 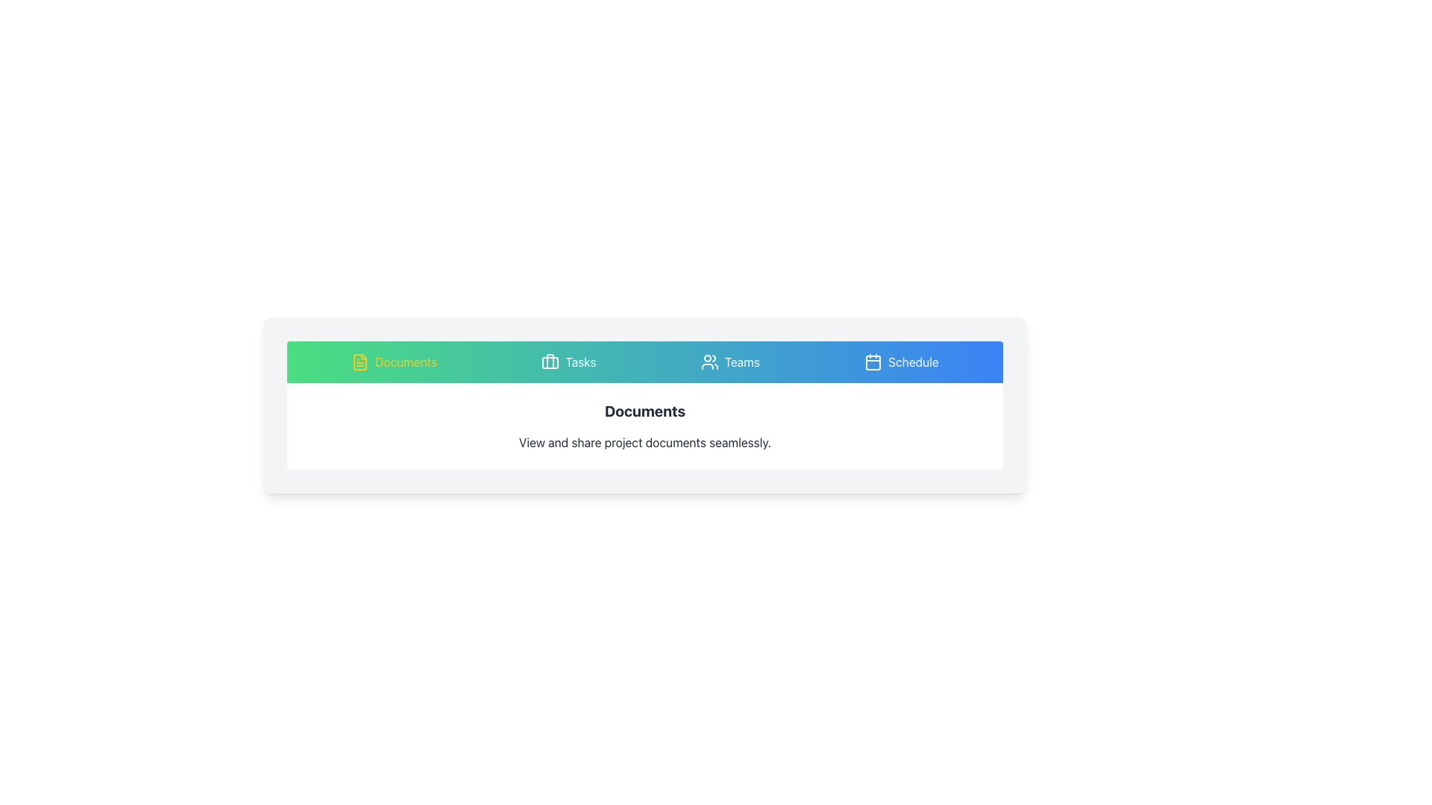 I want to click on the blue 'Teams' button in the navigation bar, so click(x=730, y=362).